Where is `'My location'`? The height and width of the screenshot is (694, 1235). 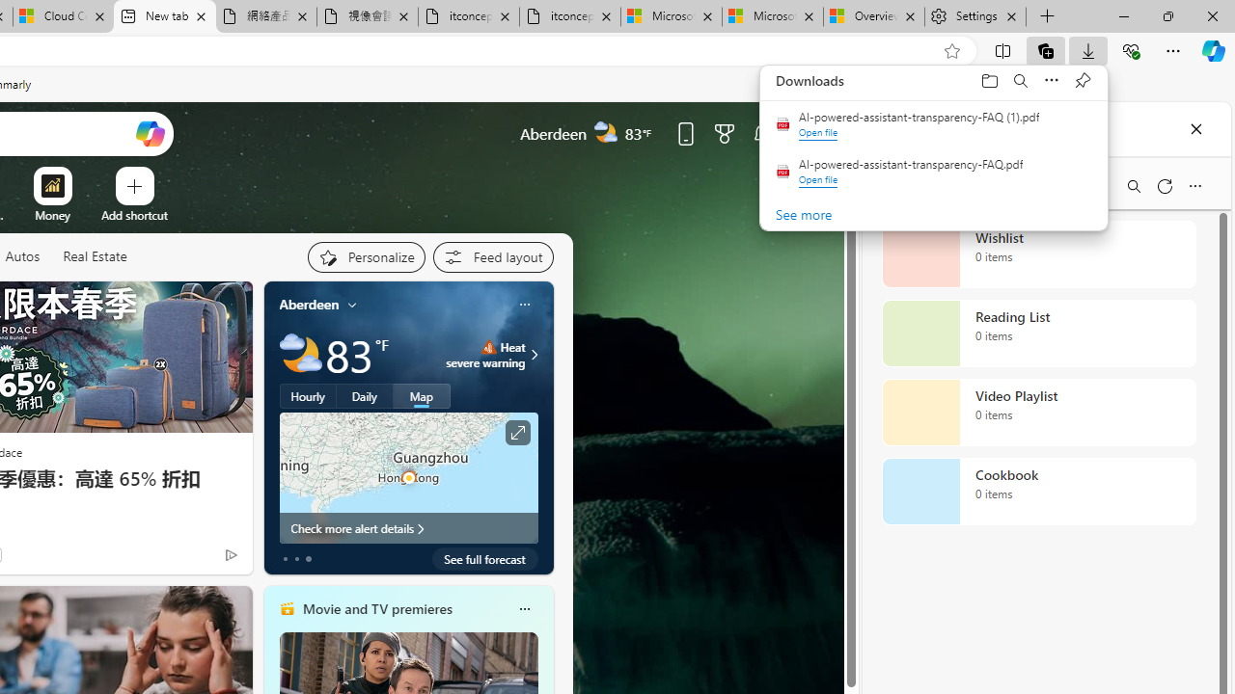 'My location' is located at coordinates (352, 304).